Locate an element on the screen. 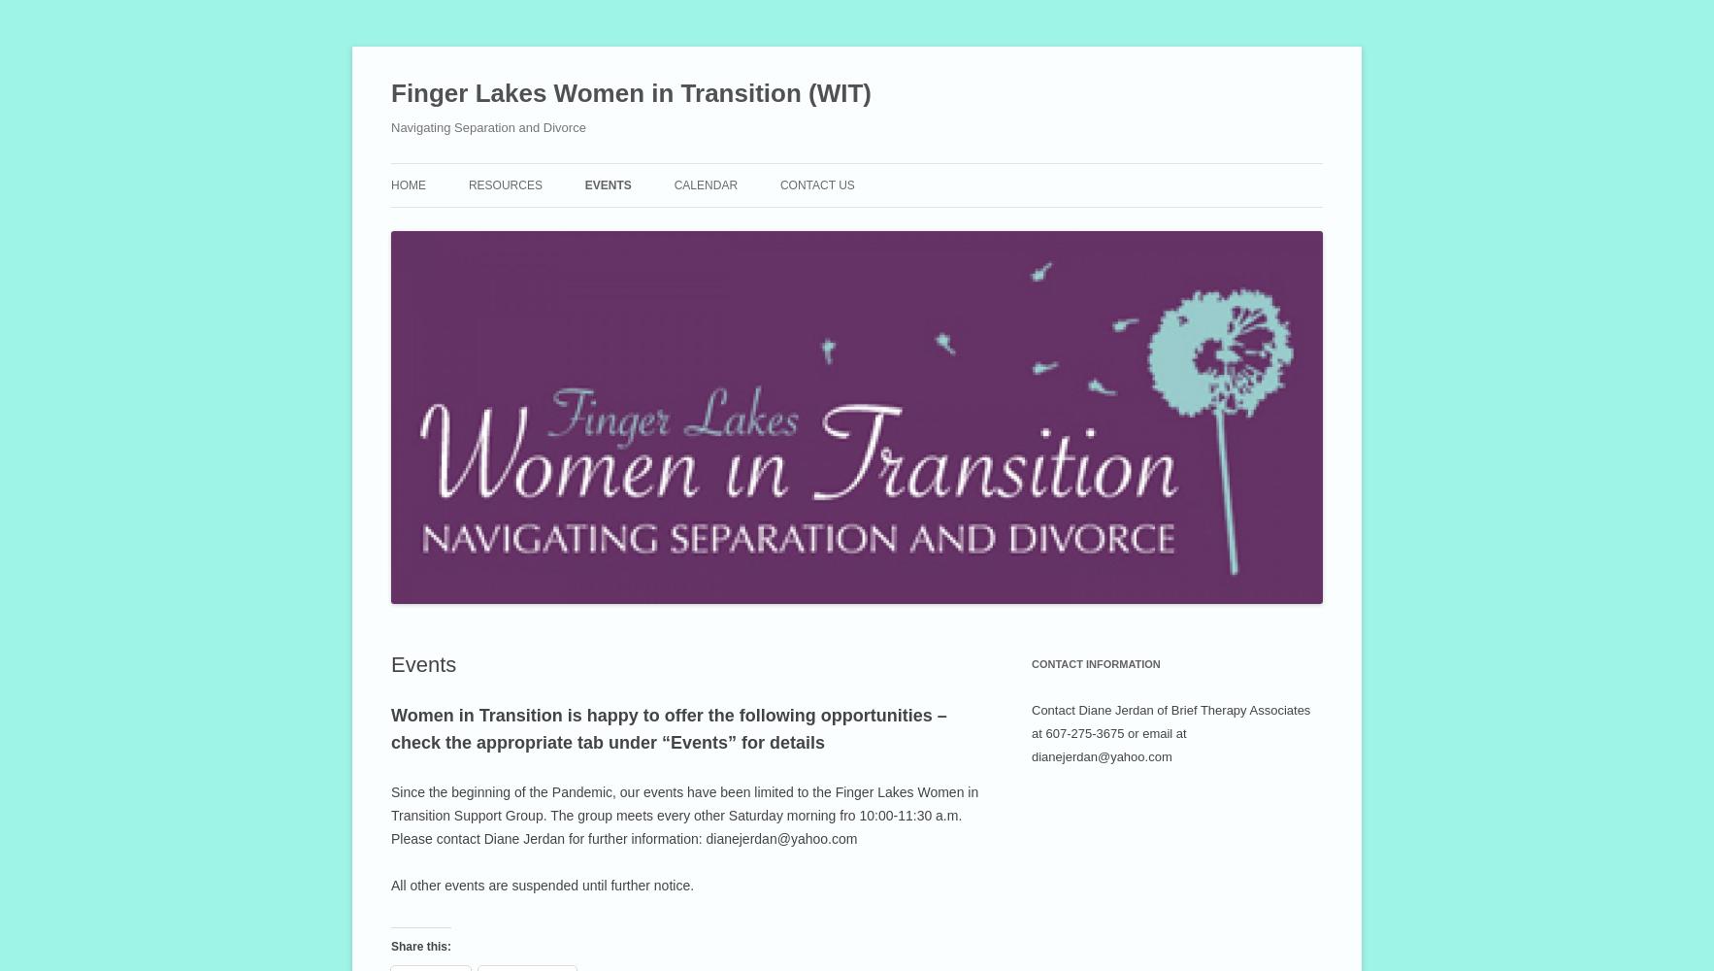  'Since the beginning of the Pandemic, our events have been limited to the Finger Lakes Women in Transition Support Group. The group meets every other Saturday morning fro 10:00-11:30 a.m. Please contact Diane Jerdan for further information:  dianejerdan@yahoo.com' is located at coordinates (684, 815).